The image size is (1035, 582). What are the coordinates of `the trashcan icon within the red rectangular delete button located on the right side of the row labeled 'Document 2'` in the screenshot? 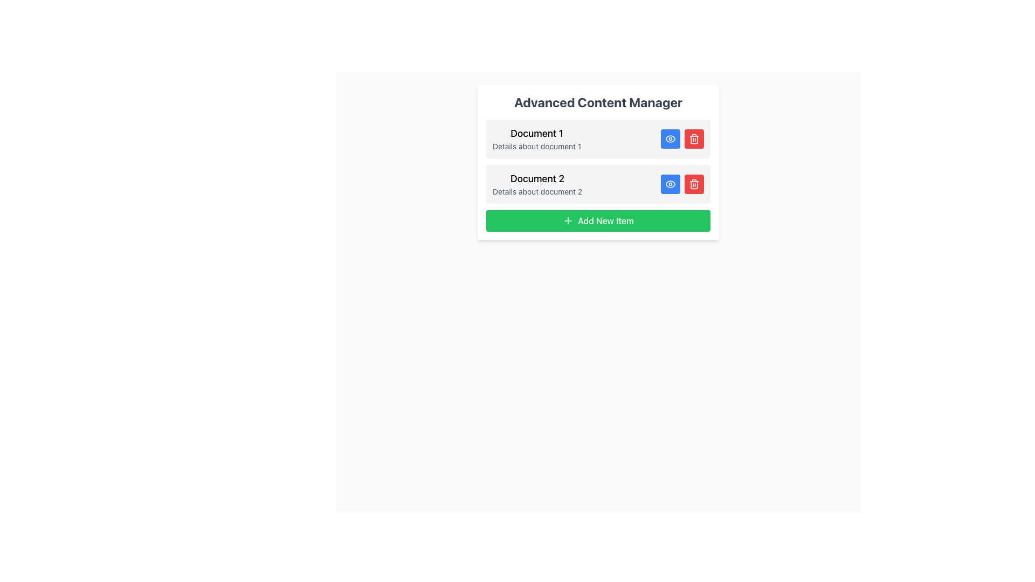 It's located at (694, 184).